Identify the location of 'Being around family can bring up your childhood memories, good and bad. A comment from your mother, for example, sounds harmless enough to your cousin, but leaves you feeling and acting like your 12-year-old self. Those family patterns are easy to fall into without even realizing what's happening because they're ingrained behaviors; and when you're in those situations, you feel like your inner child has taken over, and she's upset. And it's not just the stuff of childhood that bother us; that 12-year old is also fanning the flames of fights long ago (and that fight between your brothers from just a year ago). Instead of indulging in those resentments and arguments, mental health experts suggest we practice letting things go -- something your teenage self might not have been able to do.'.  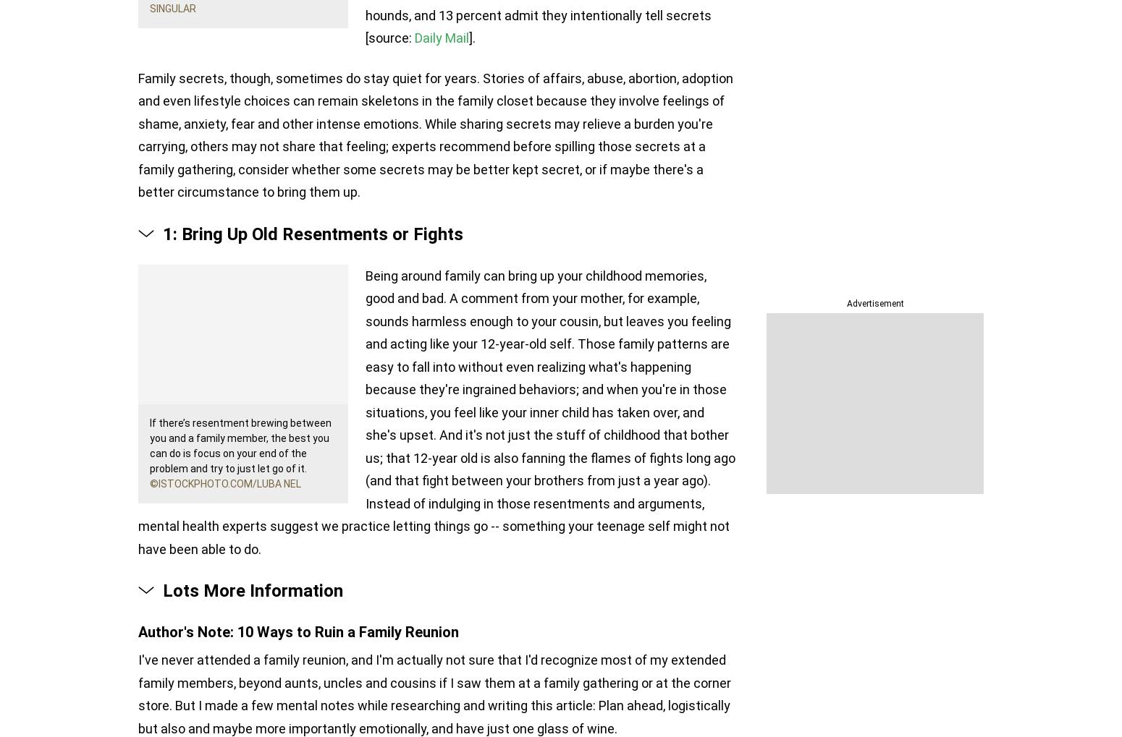
(436, 411).